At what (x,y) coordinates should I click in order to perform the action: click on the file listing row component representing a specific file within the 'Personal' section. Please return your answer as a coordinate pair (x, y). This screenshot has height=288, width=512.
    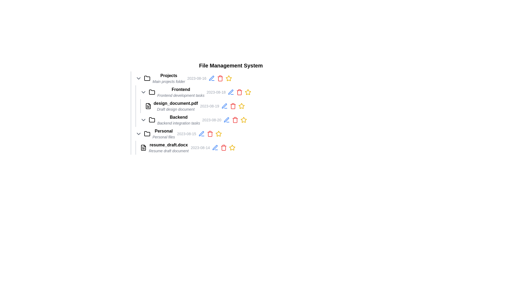
    Looking at the image, I should click on (233, 148).